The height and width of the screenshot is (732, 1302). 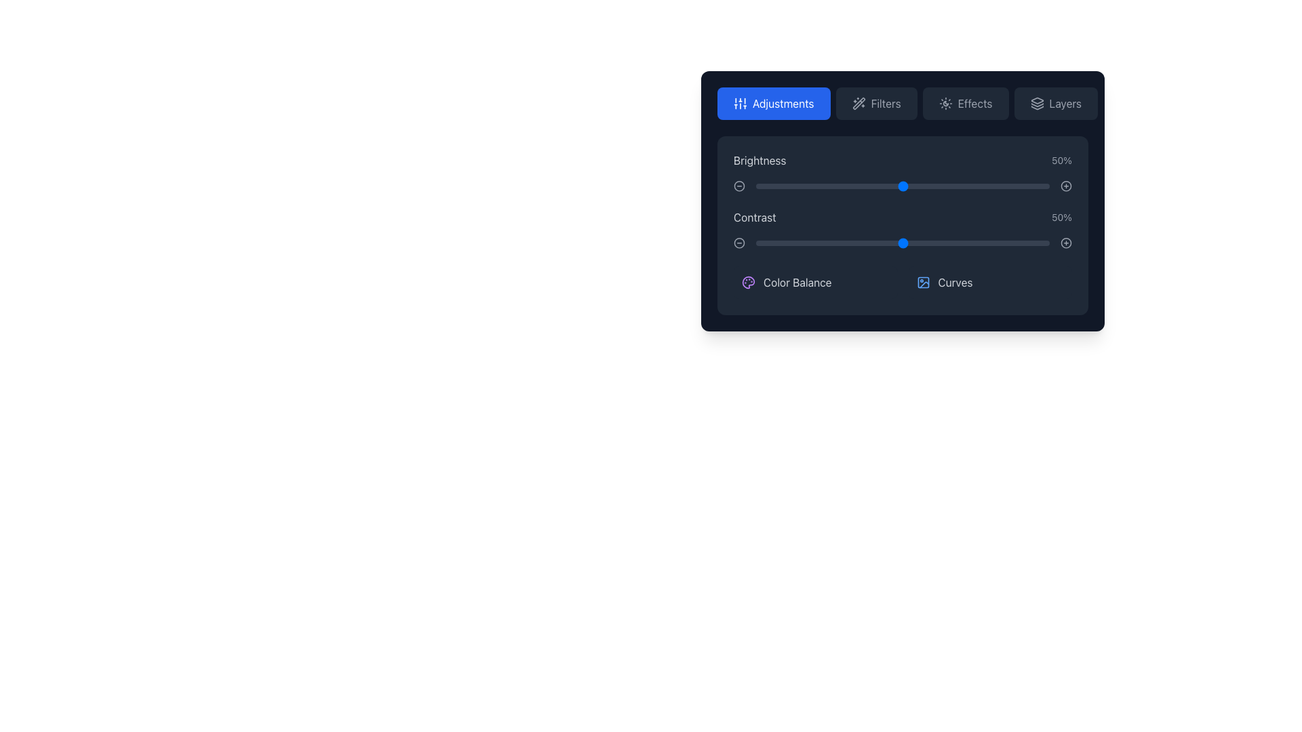 I want to click on the wand-like icon with sparkles adjacent to the 'Filters' text, so click(x=858, y=103).